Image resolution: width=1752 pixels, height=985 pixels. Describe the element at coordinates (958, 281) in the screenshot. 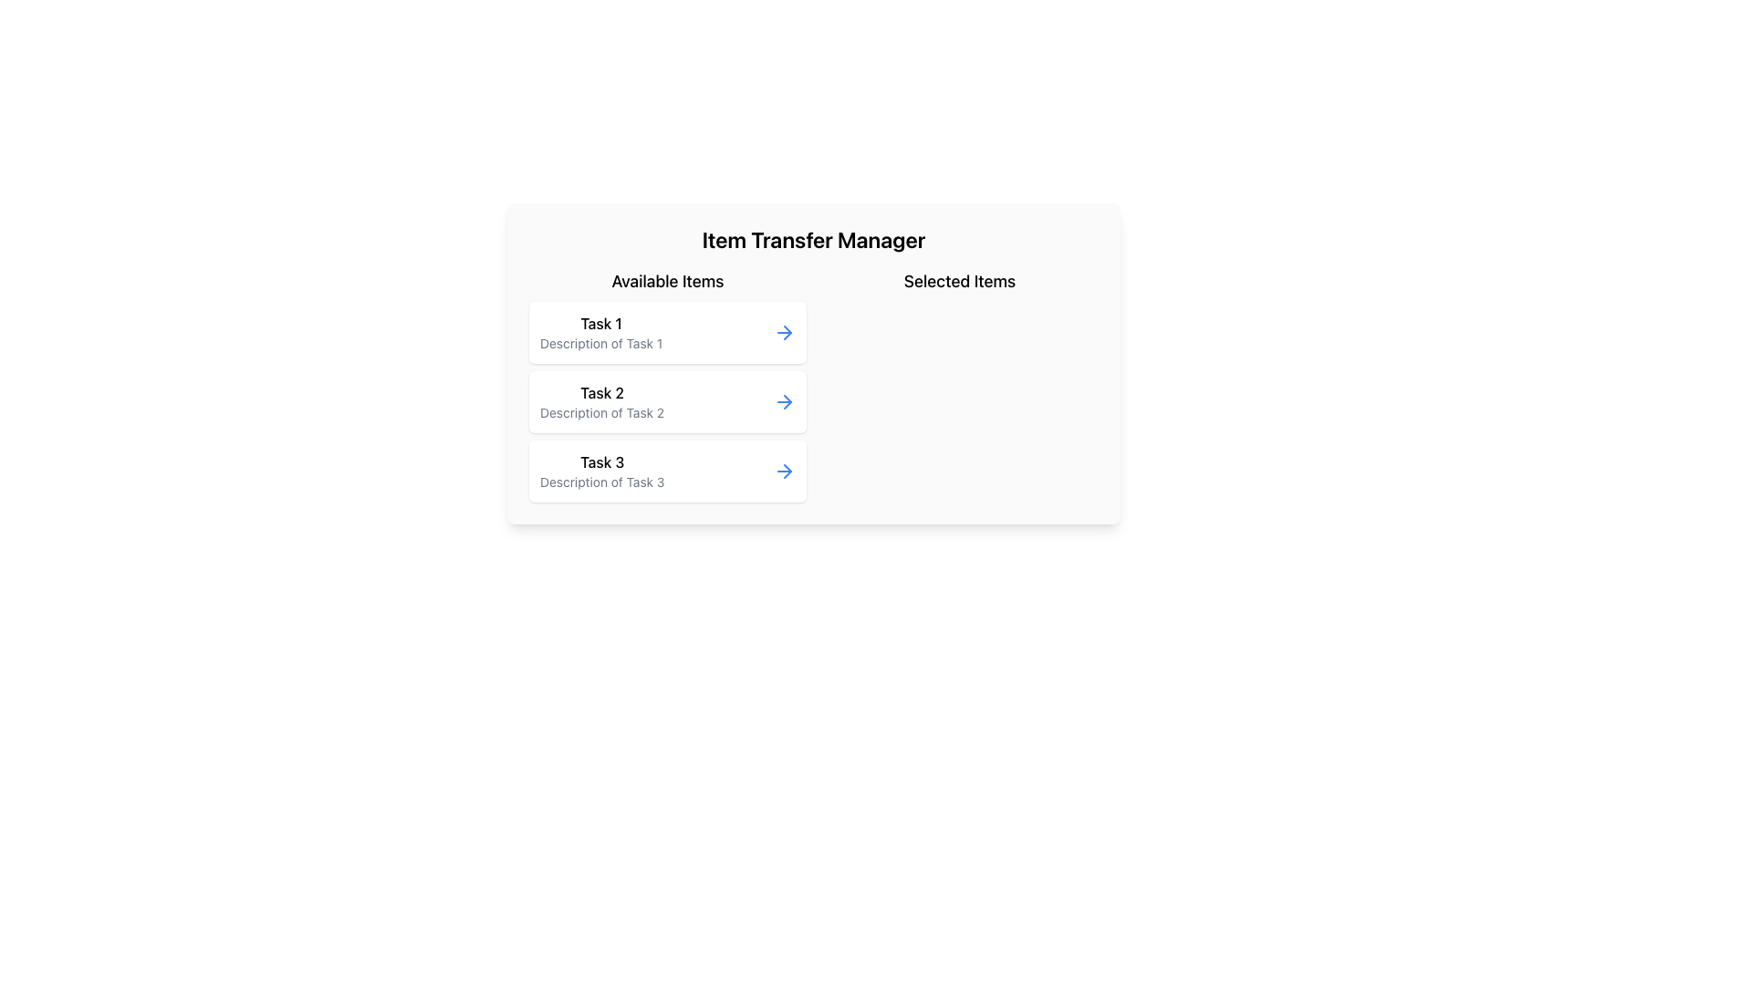

I see `the text label indicating 'Selected Items', which is positioned above the listing space and to the right of 'Available Items'` at that location.